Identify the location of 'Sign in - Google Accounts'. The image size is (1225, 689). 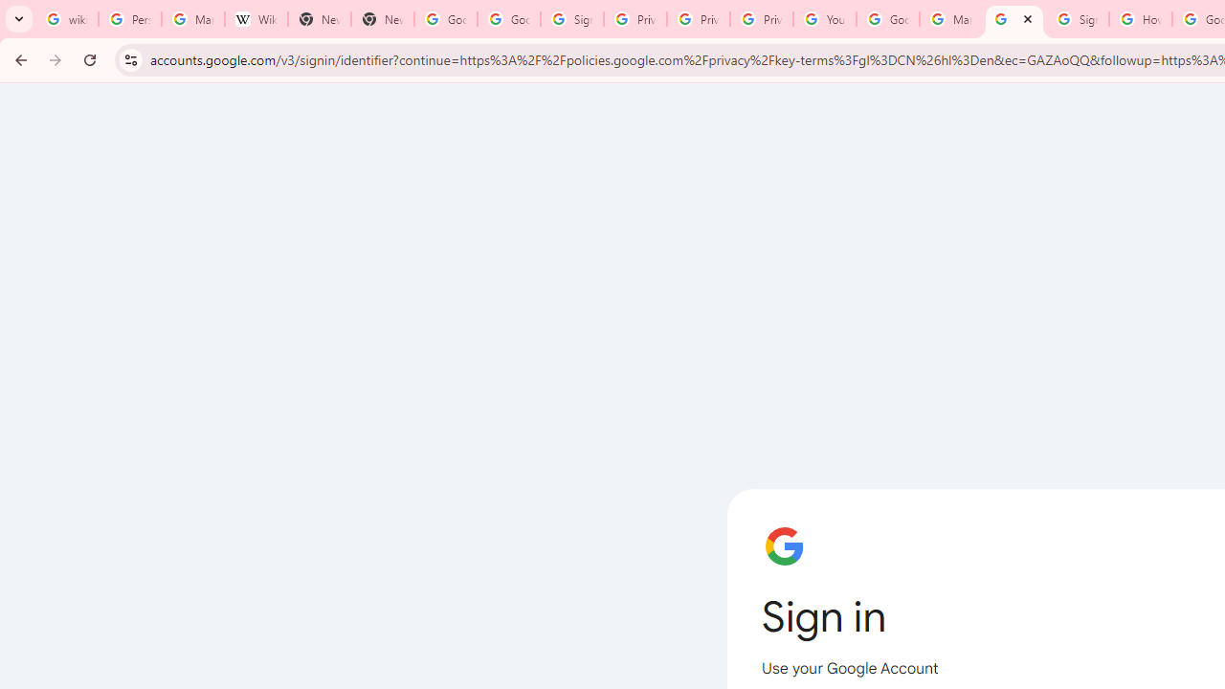
(1077, 19).